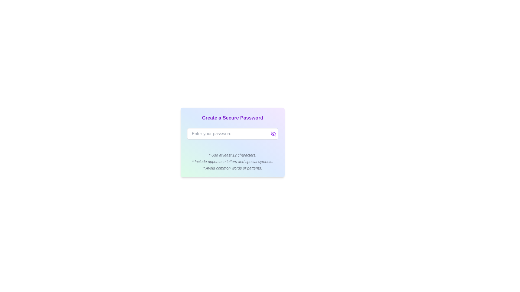 Image resolution: width=520 pixels, height=292 pixels. Describe the element at coordinates (273, 134) in the screenshot. I see `the eye-slash icon located to the right side of the password input field` at that location.